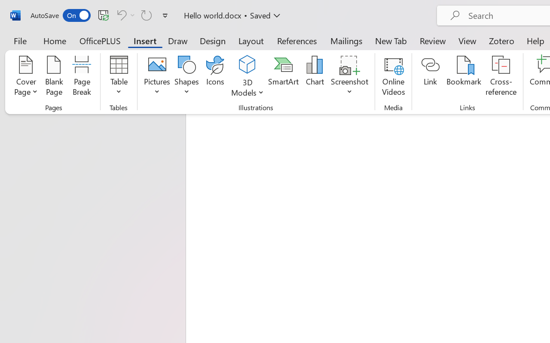  What do you see at coordinates (124, 15) in the screenshot?
I see `'Can'` at bounding box center [124, 15].